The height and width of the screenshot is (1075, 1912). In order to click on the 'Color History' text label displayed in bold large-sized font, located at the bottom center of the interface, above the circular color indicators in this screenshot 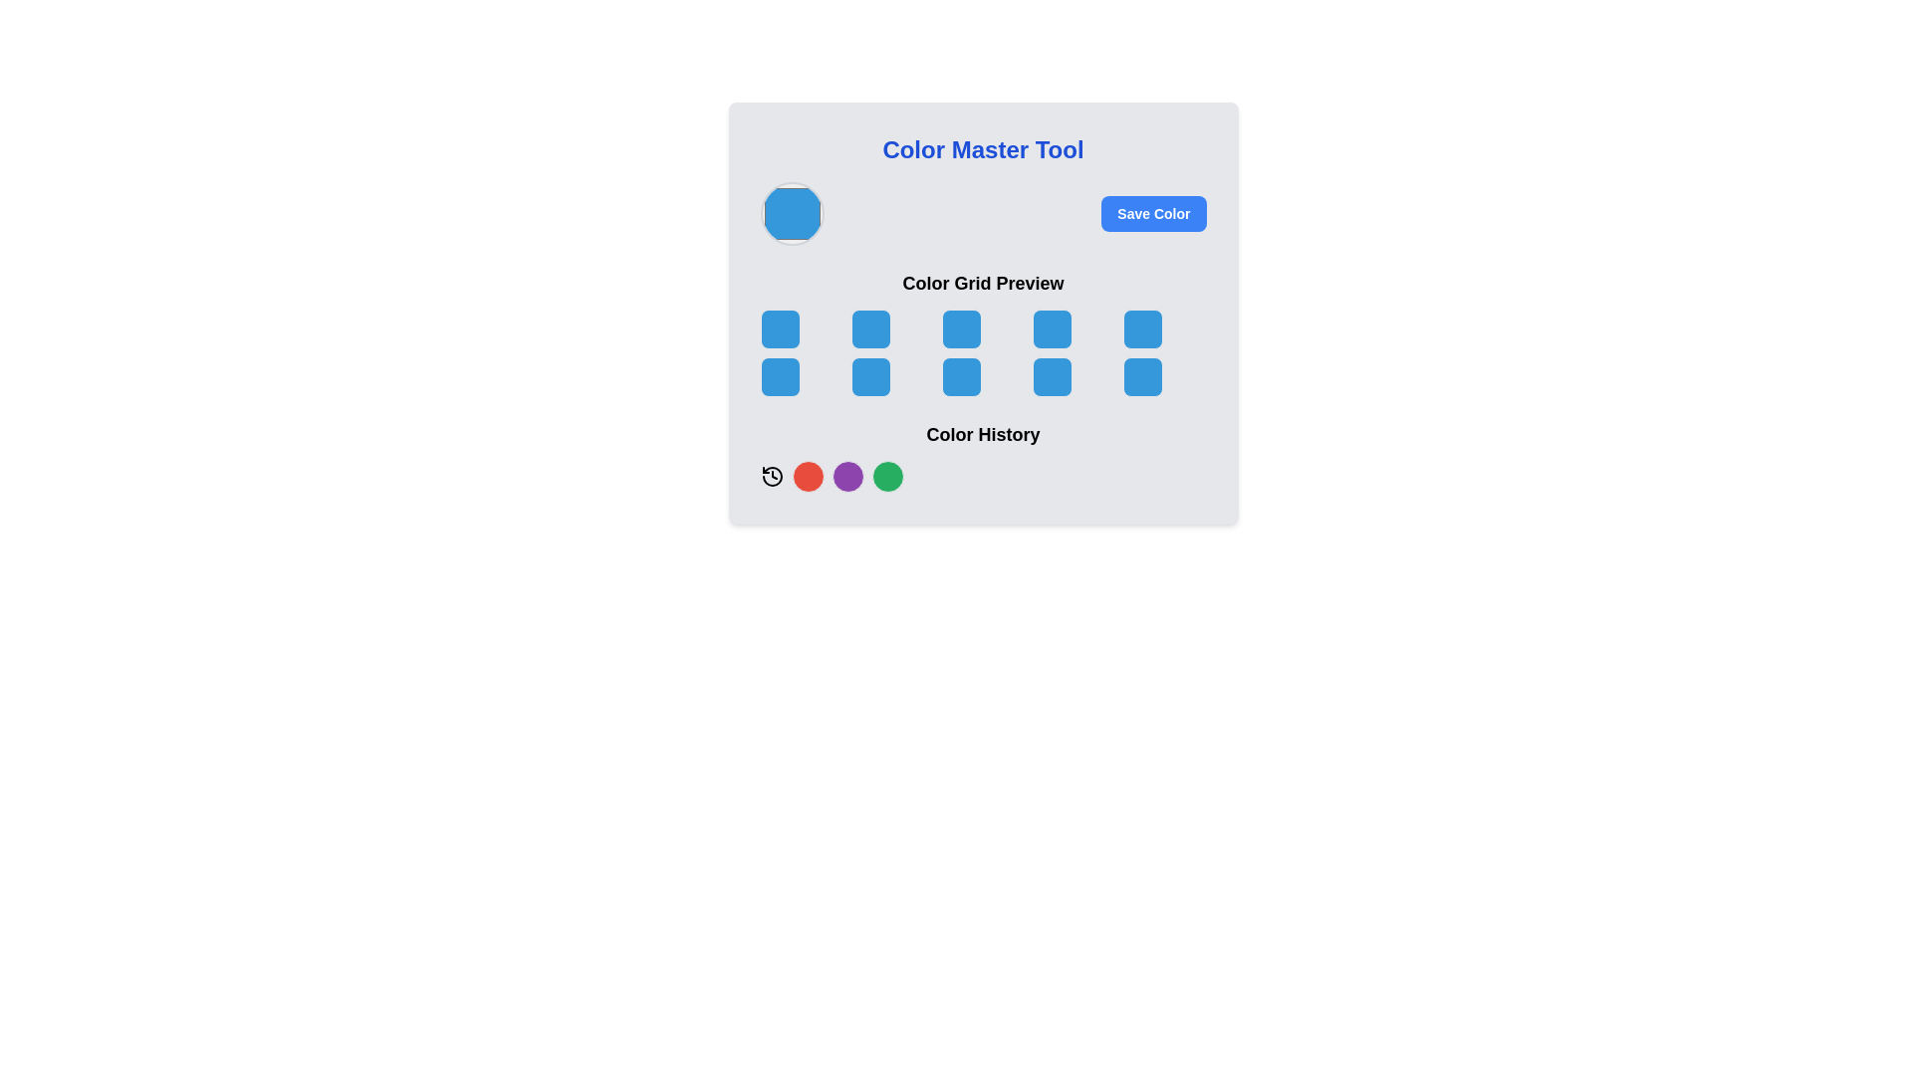, I will do `click(983, 433)`.